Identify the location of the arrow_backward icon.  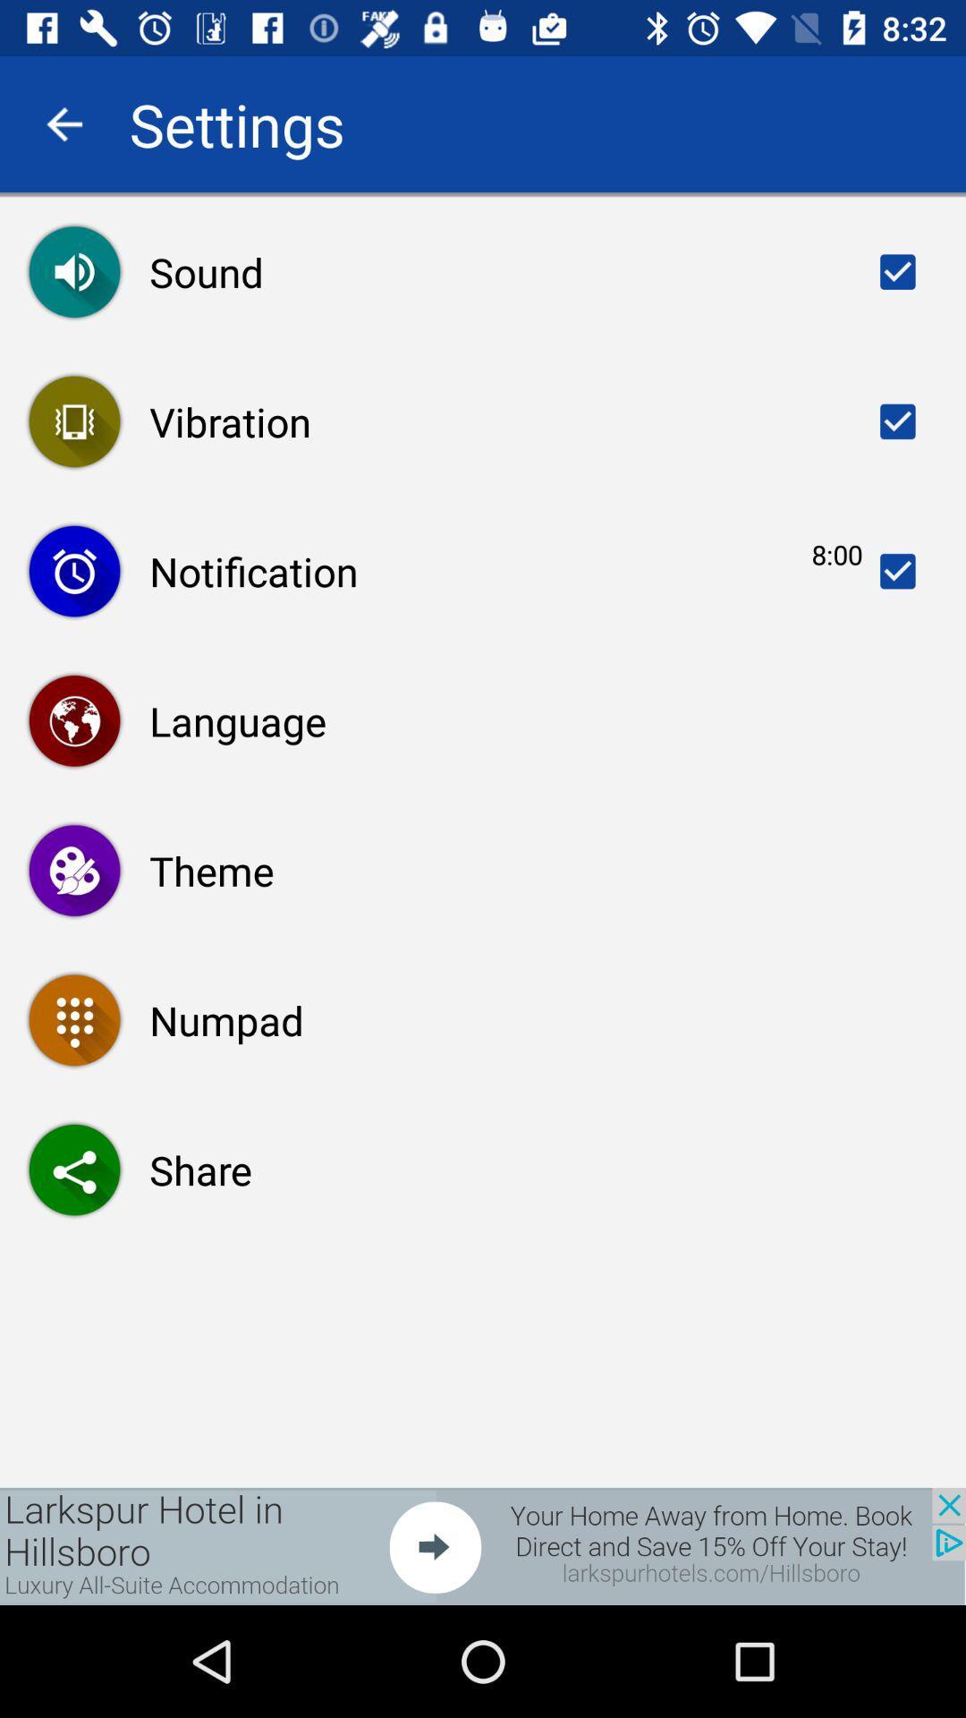
(64, 123).